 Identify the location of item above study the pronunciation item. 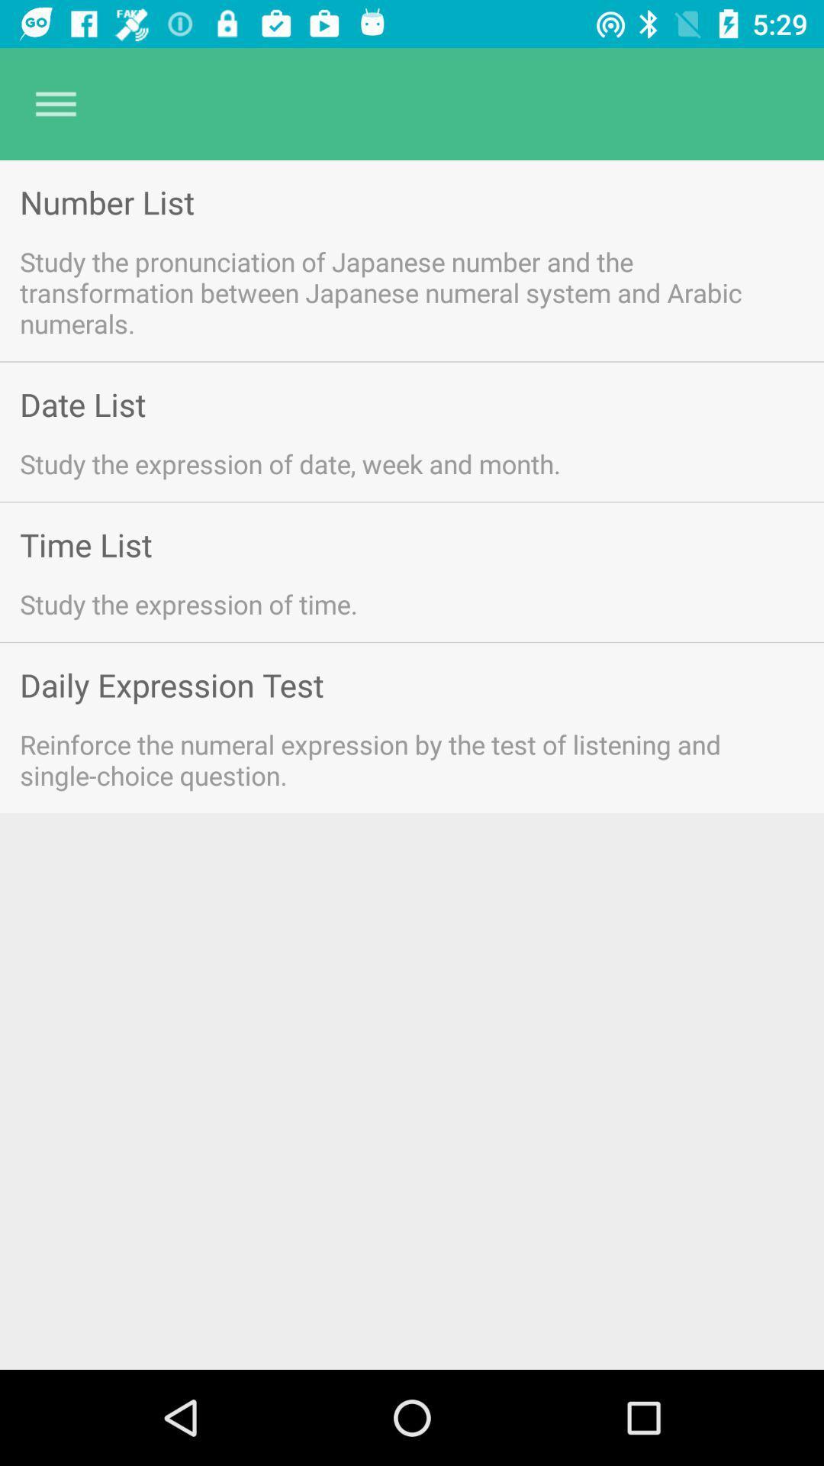
(106, 201).